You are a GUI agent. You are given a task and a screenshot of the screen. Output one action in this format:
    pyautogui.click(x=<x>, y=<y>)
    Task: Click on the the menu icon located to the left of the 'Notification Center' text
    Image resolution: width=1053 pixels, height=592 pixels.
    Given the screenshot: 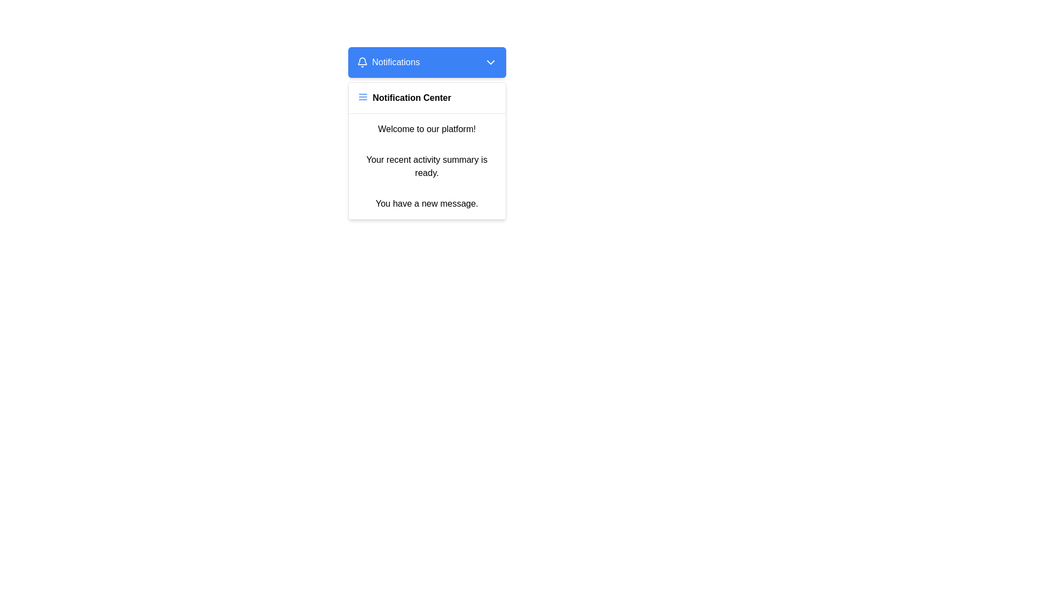 What is the action you would take?
    pyautogui.click(x=363, y=96)
    